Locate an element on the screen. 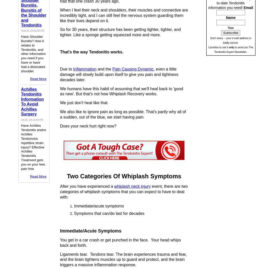  'Does your neck hurt right now?' is located at coordinates (88, 125).